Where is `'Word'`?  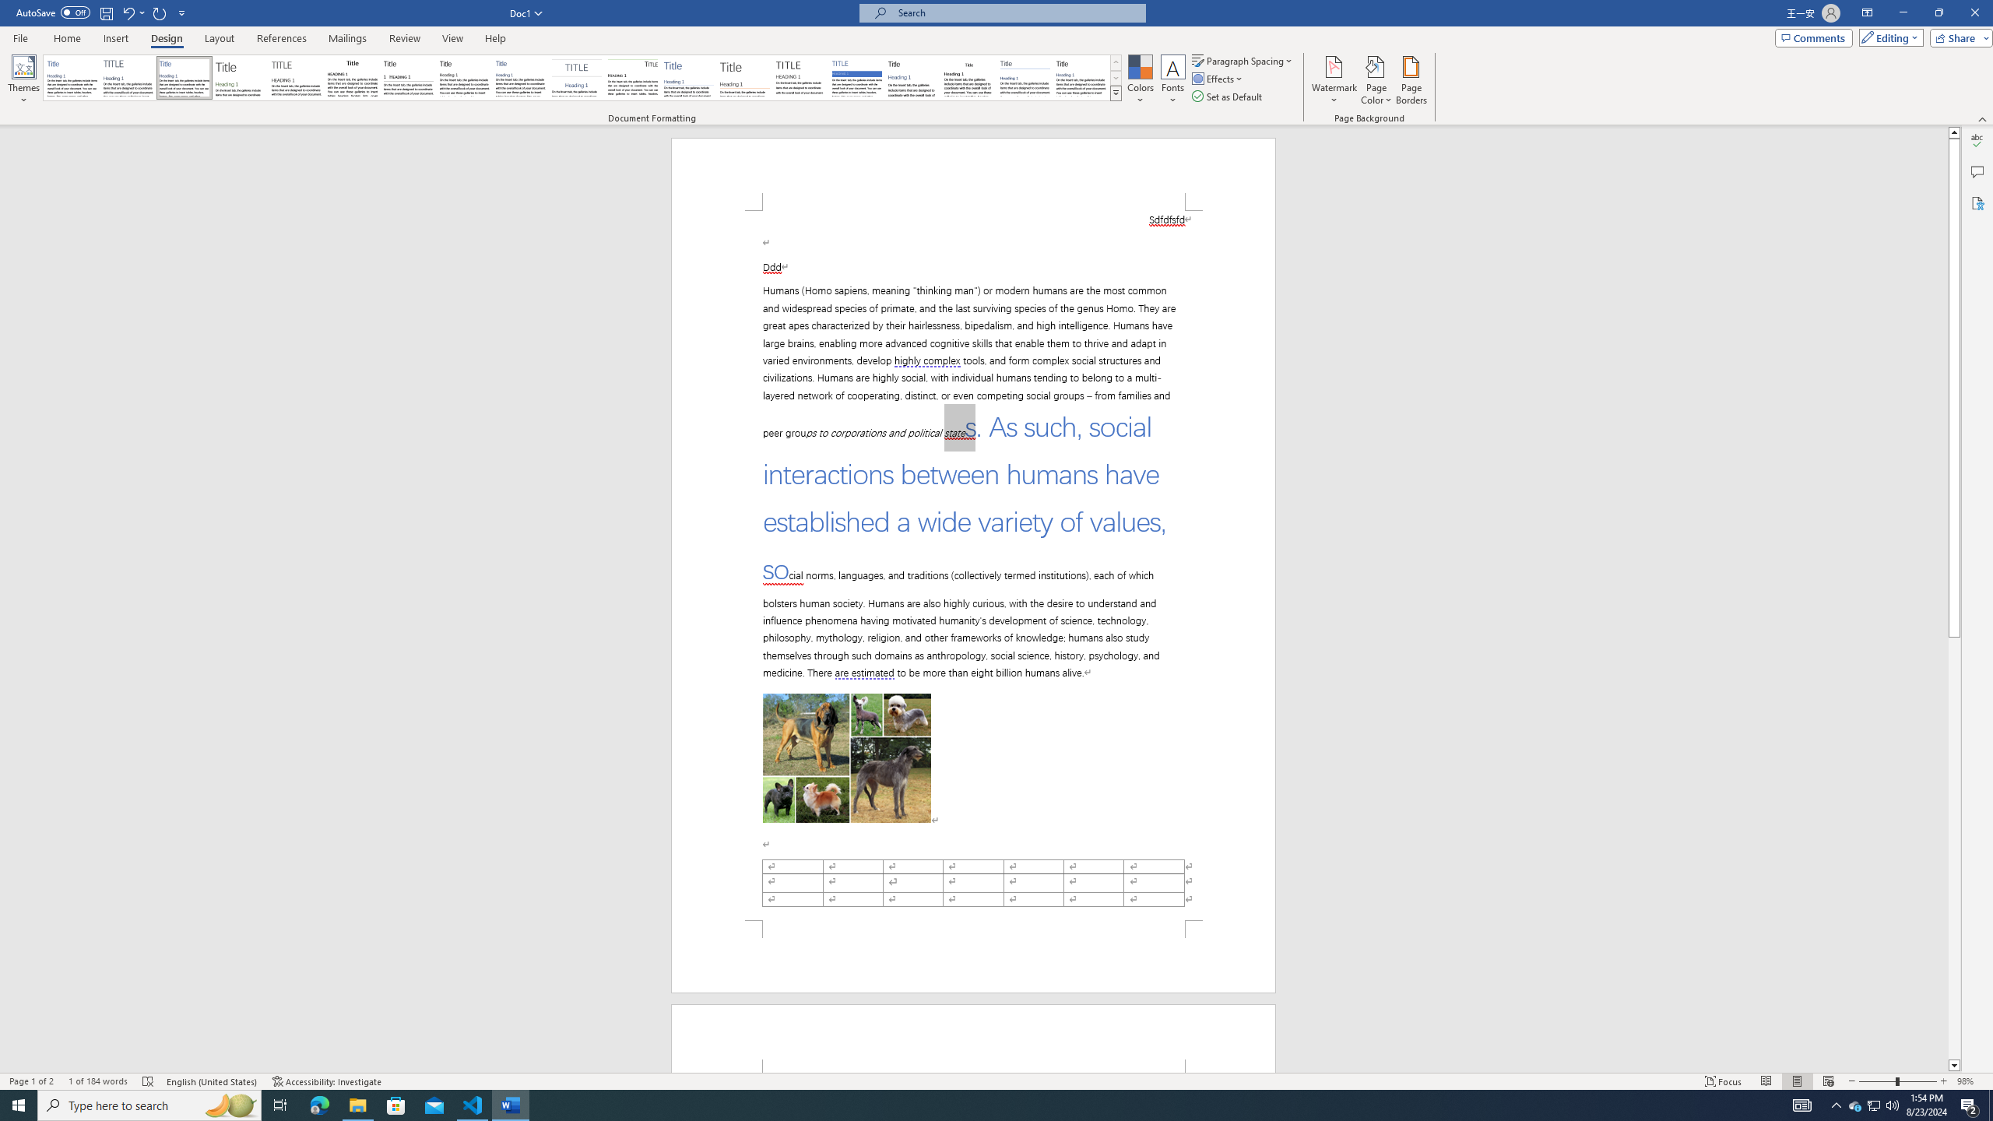 'Word' is located at coordinates (912, 77).